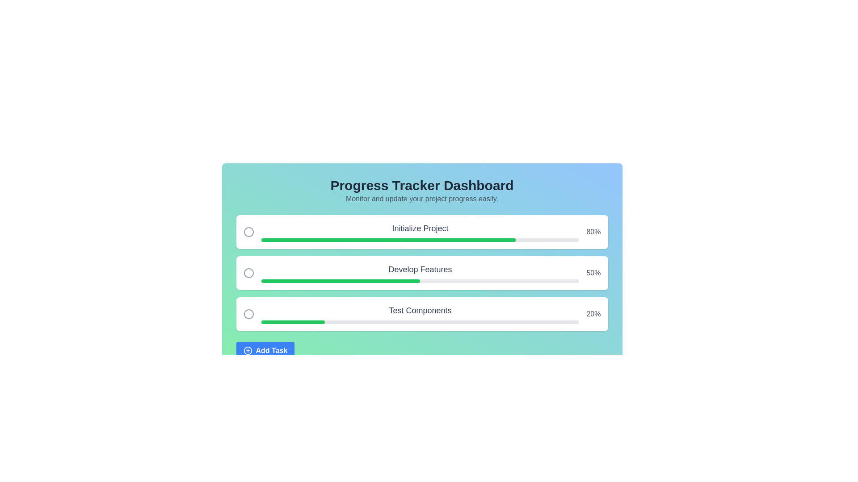 The width and height of the screenshot is (858, 482). What do you see at coordinates (248, 314) in the screenshot?
I see `the third circular indicator in the progress tracker section, which is aligned vertically next to the 'Test Components' label` at bounding box center [248, 314].